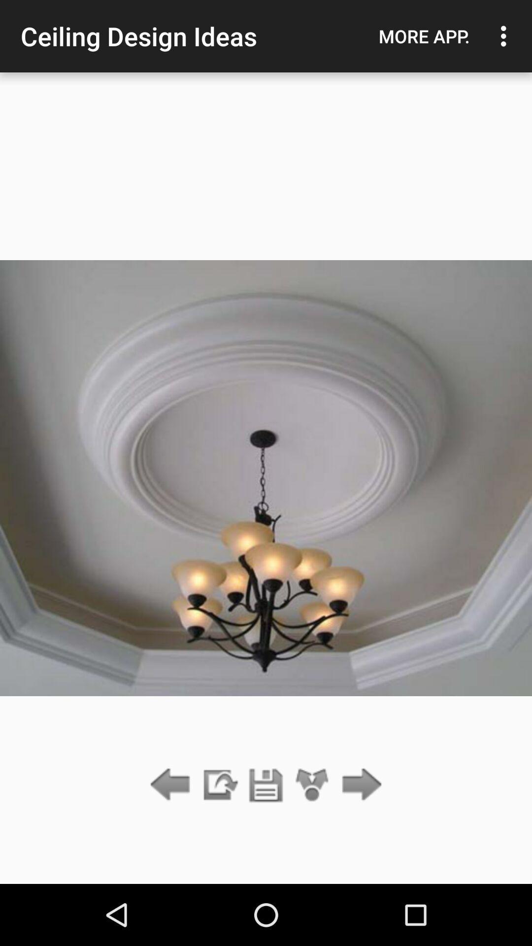 This screenshot has width=532, height=946. I want to click on more app. item, so click(424, 36).